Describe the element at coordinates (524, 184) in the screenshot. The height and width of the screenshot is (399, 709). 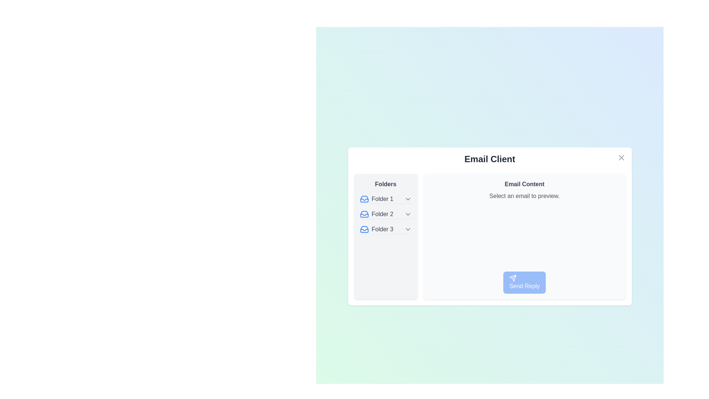
I see `the static header text label that introduces the email content preview area, located centrally above the text 'Select an email` at that location.